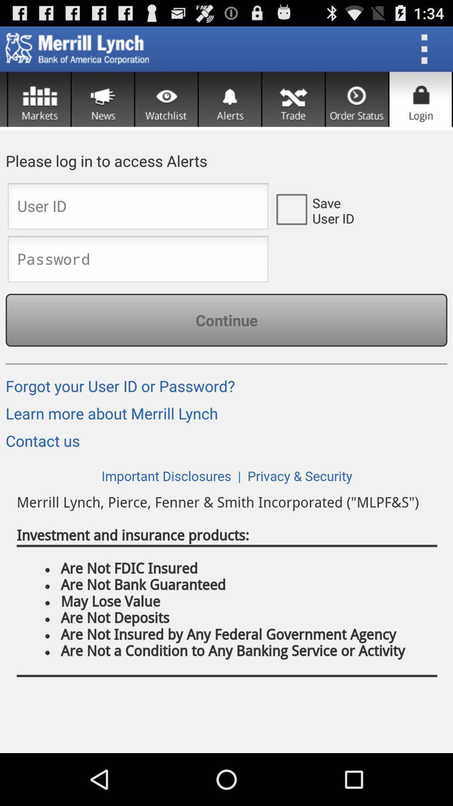 The width and height of the screenshot is (453, 806). I want to click on login page, so click(138, 209).